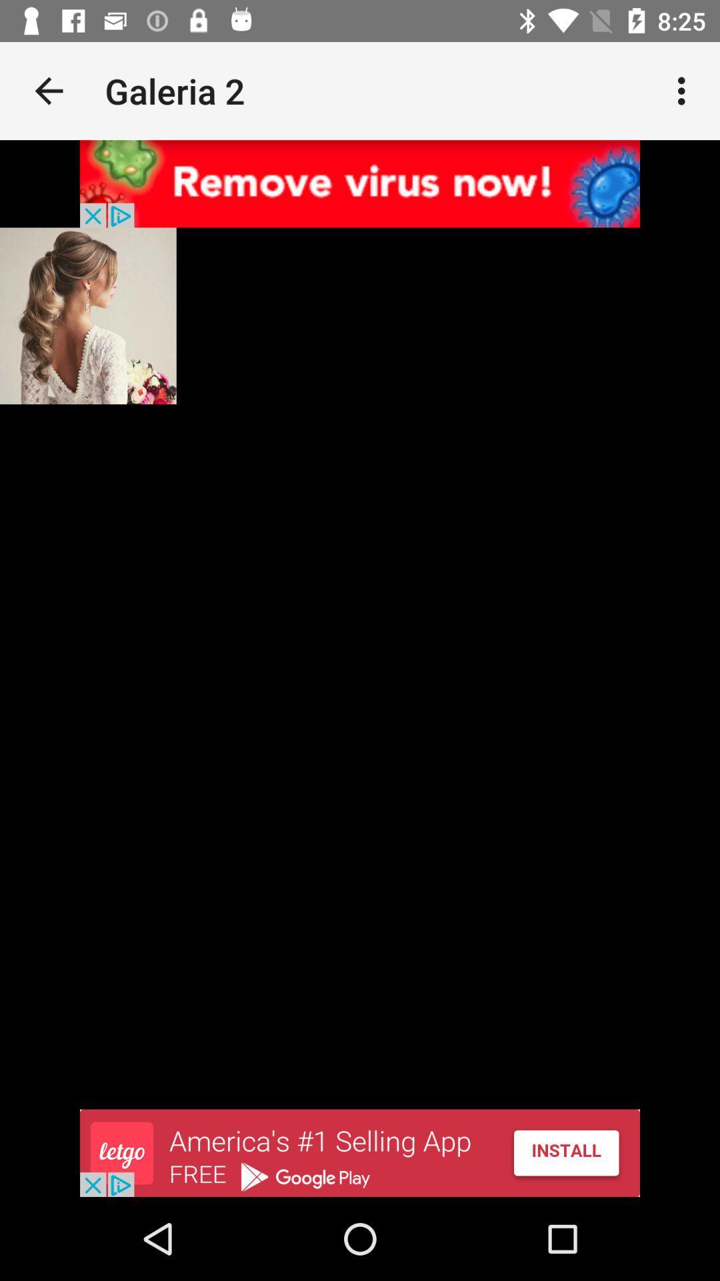  What do you see at coordinates (360, 183) in the screenshot?
I see `in app advertisement space` at bounding box center [360, 183].